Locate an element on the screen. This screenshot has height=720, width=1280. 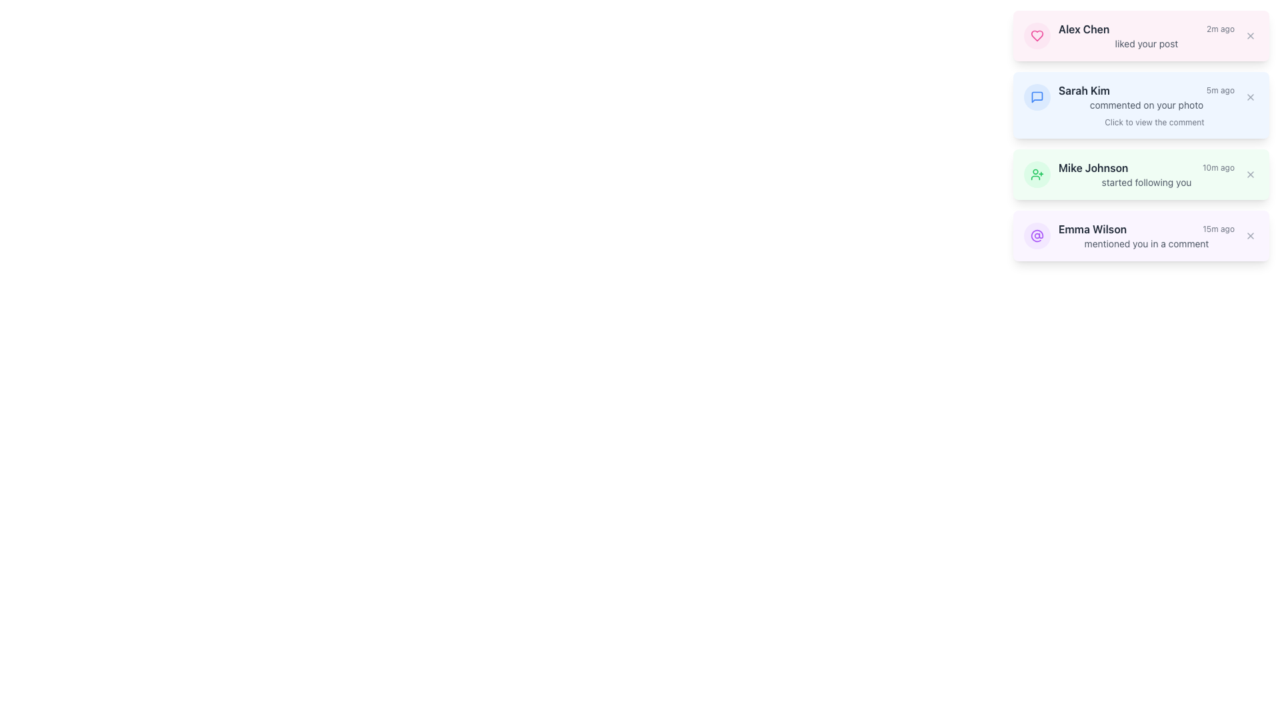
the blue speech bubble icon located in the second notification card from the top of the vertically arranged list is located at coordinates (1036, 97).